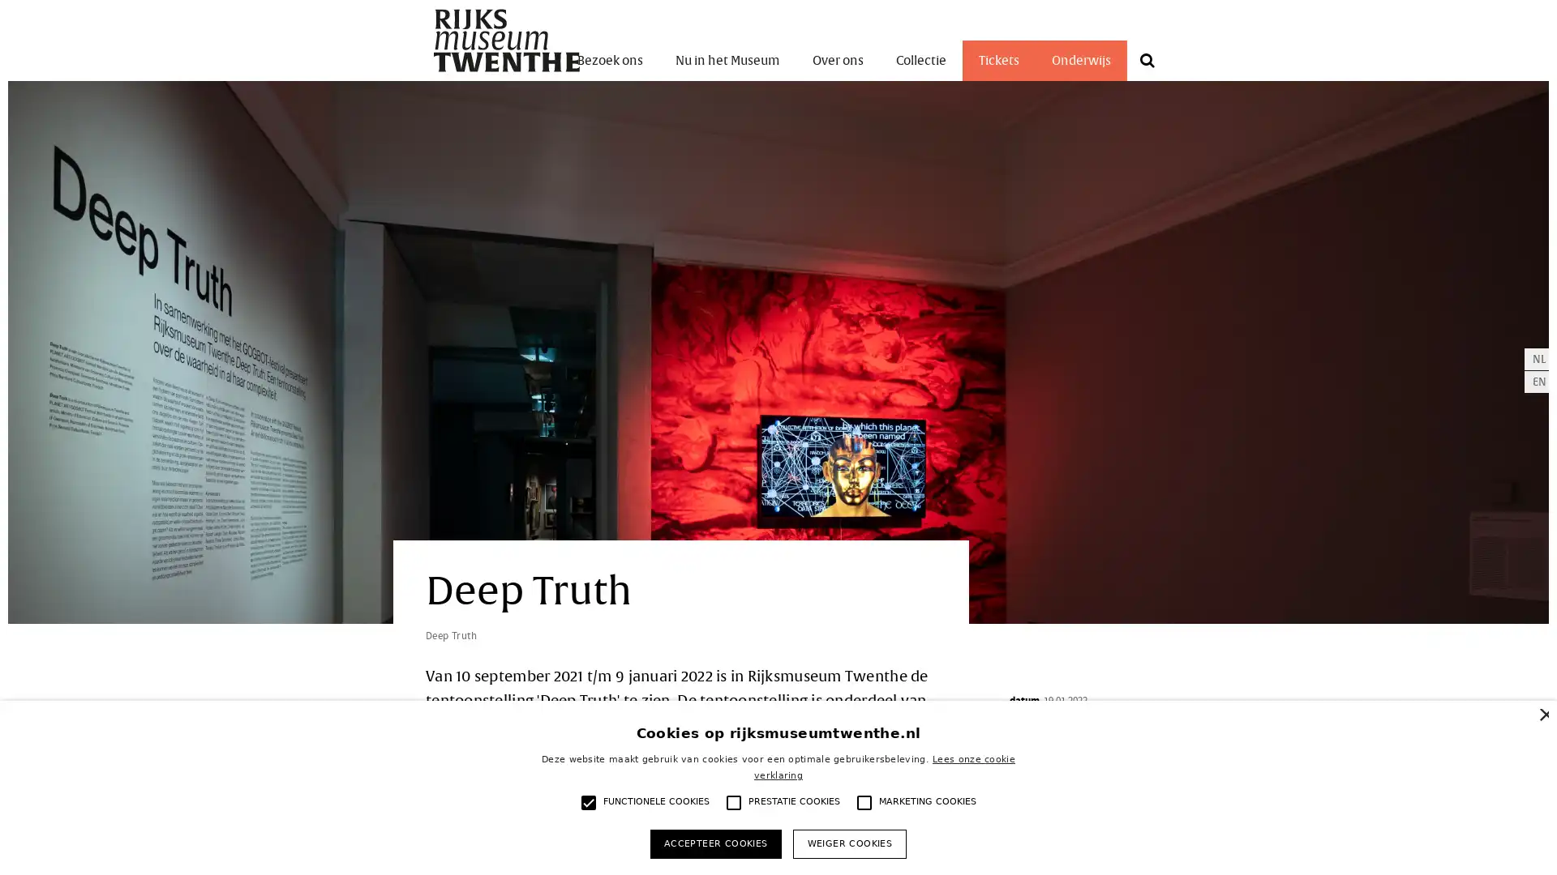 The image size is (1557, 875). What do you see at coordinates (848, 843) in the screenshot?
I see `WEIGER COOKIES` at bounding box center [848, 843].